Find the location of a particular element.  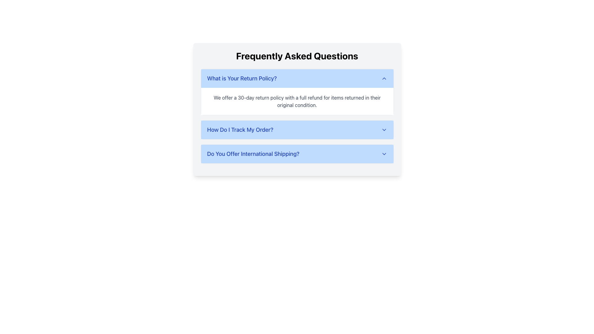

the chevron icon located to the far right of the text 'Do You Offer International Shipping?' is located at coordinates (384, 153).